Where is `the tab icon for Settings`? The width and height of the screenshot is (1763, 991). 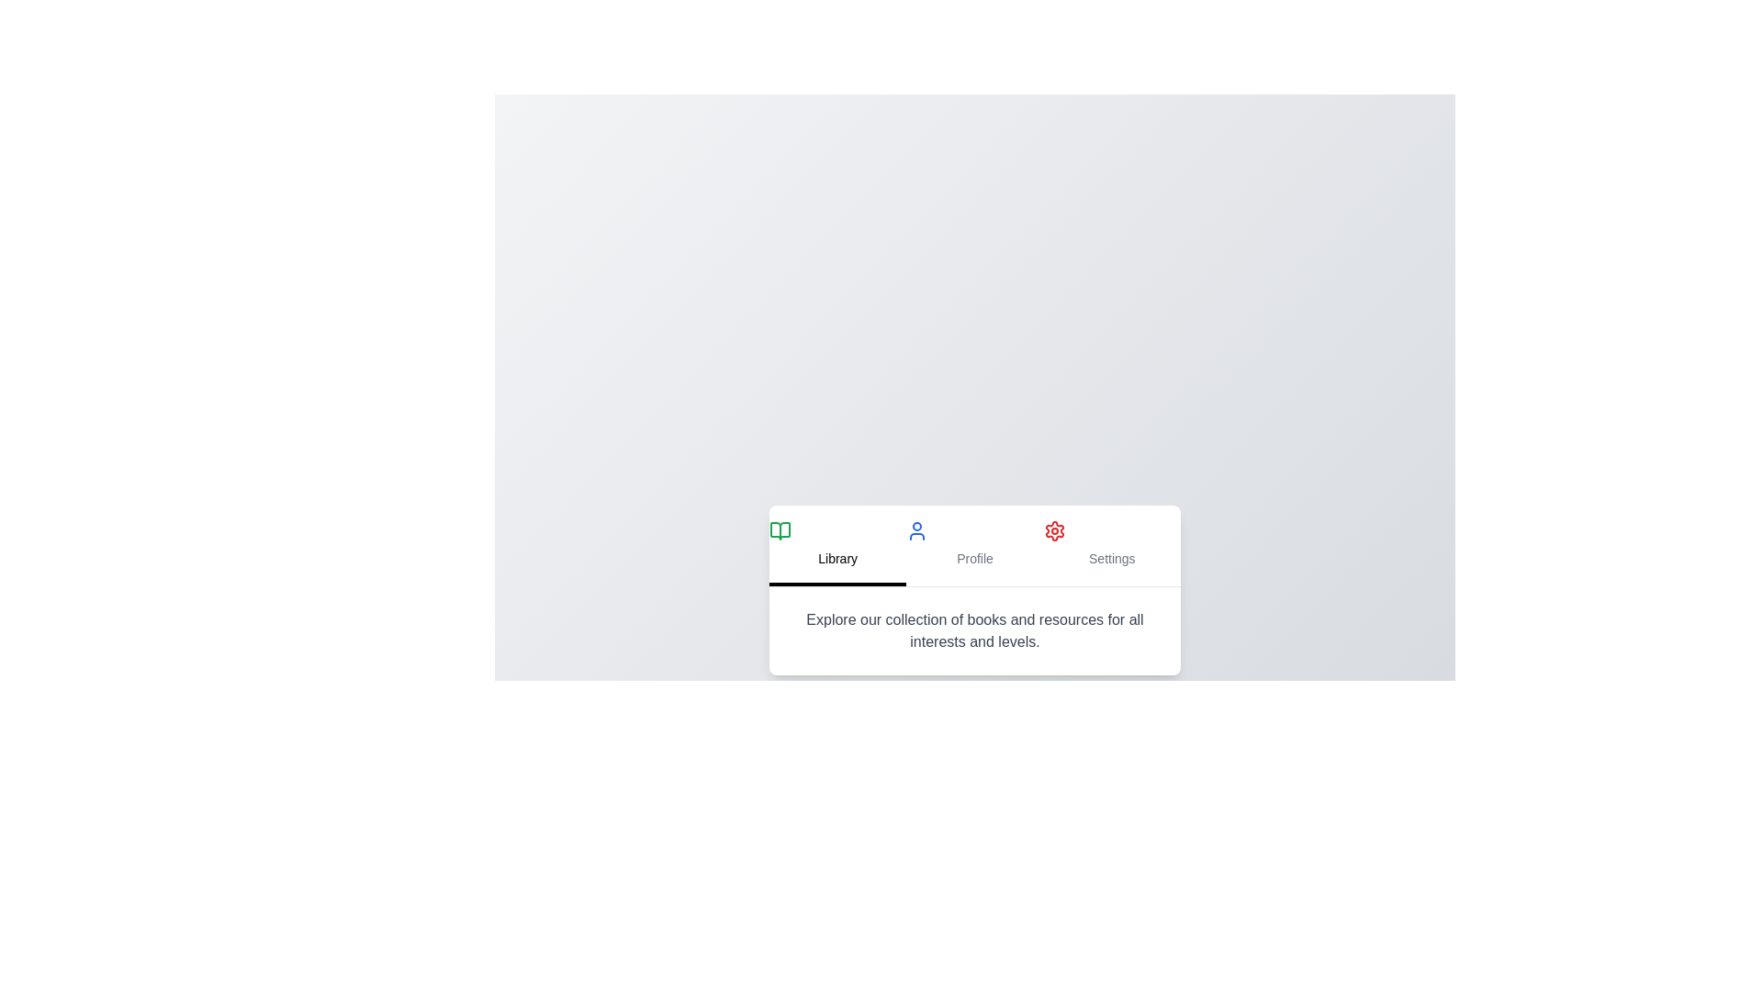
the tab icon for Settings is located at coordinates (1054, 530).